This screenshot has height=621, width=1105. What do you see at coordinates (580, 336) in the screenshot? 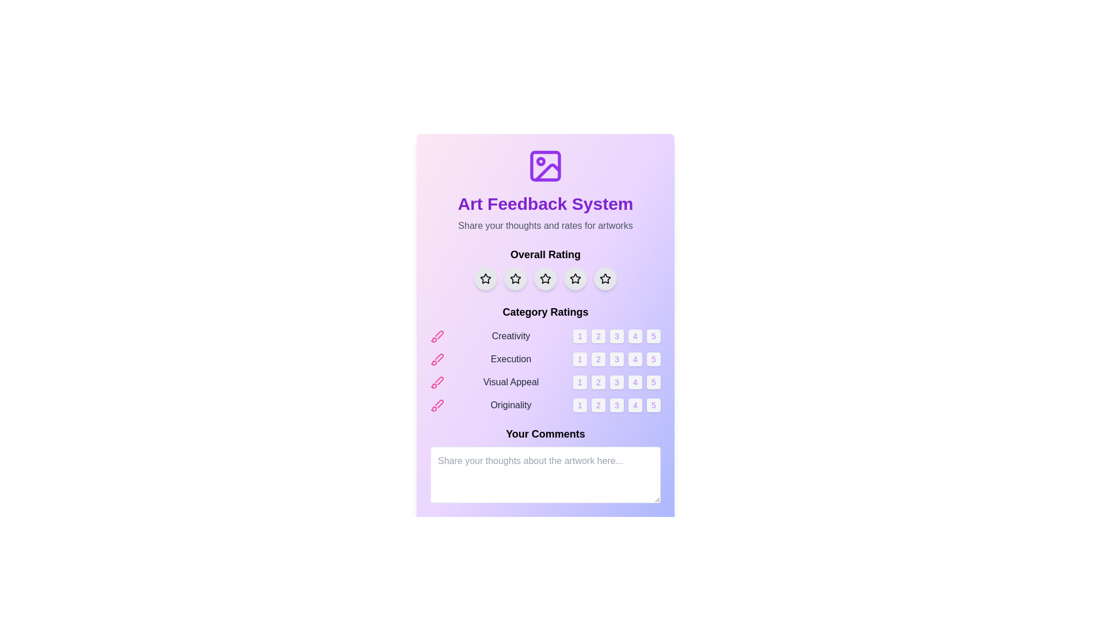
I see `the first button in the 'Creativity' category to assign a rating of '1'` at bounding box center [580, 336].